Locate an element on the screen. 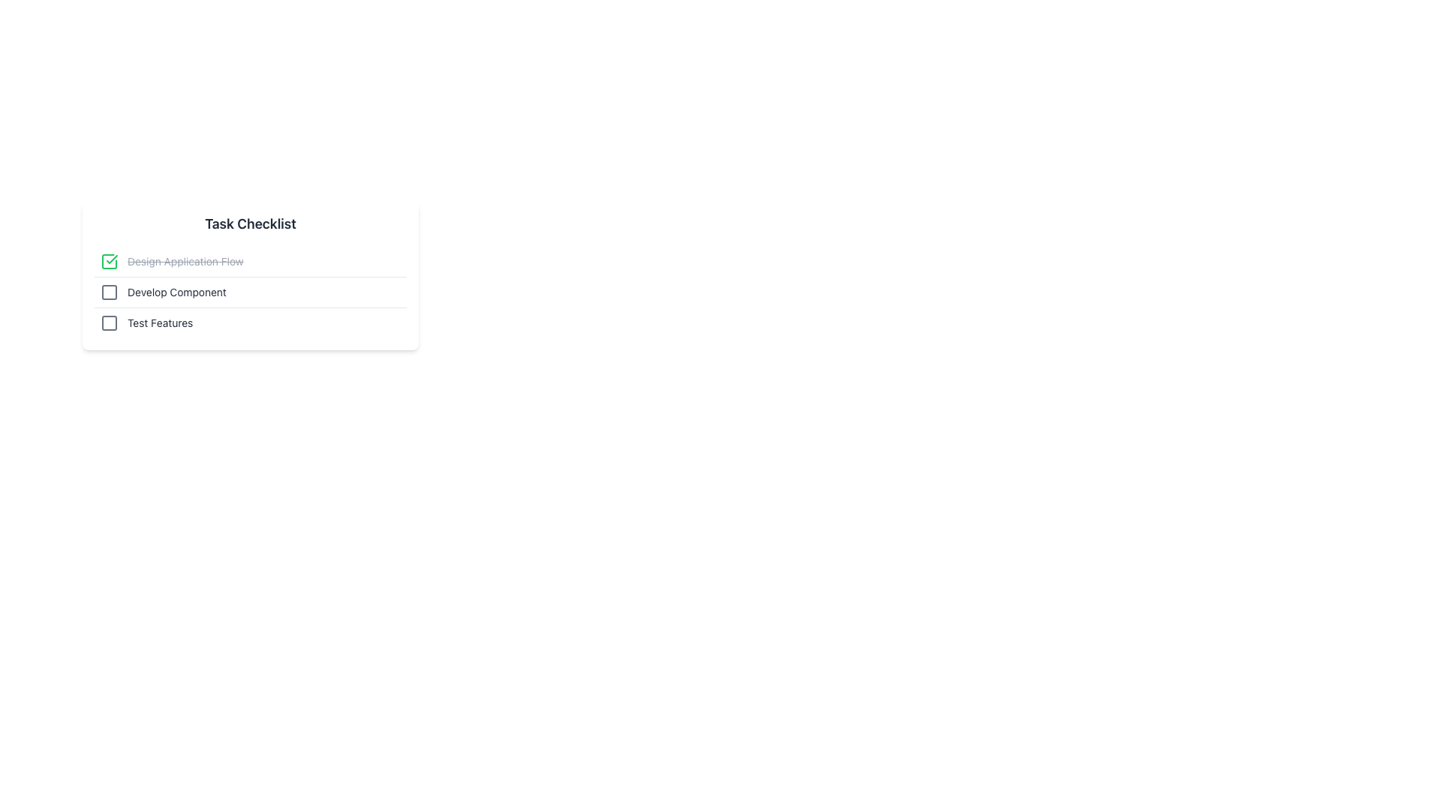 The width and height of the screenshot is (1441, 810). the text label that reads 'Design Application Flow', which is styled with a line-through effect and gray color, indicating it is inactive and located as the first item in a checklist interface is located at coordinates (185, 260).